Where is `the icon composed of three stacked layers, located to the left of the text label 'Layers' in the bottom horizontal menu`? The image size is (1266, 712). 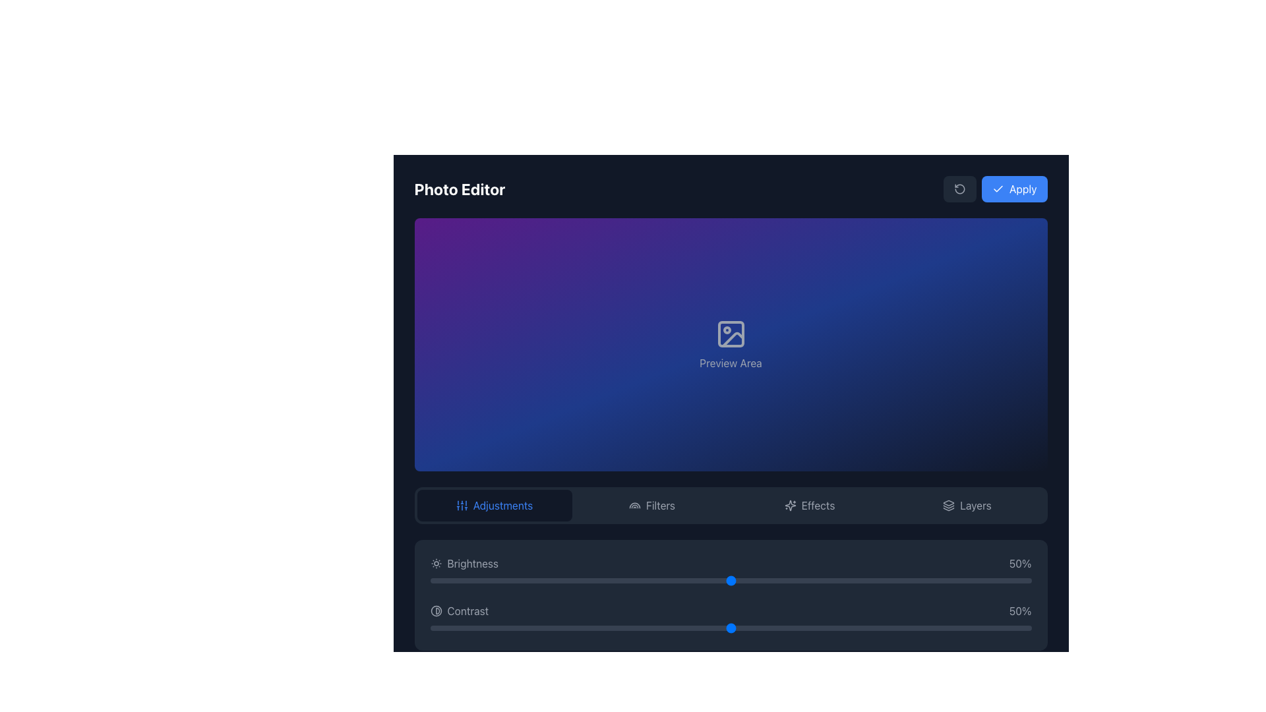
the icon composed of three stacked layers, located to the left of the text label 'Layers' in the bottom horizontal menu is located at coordinates (948, 505).